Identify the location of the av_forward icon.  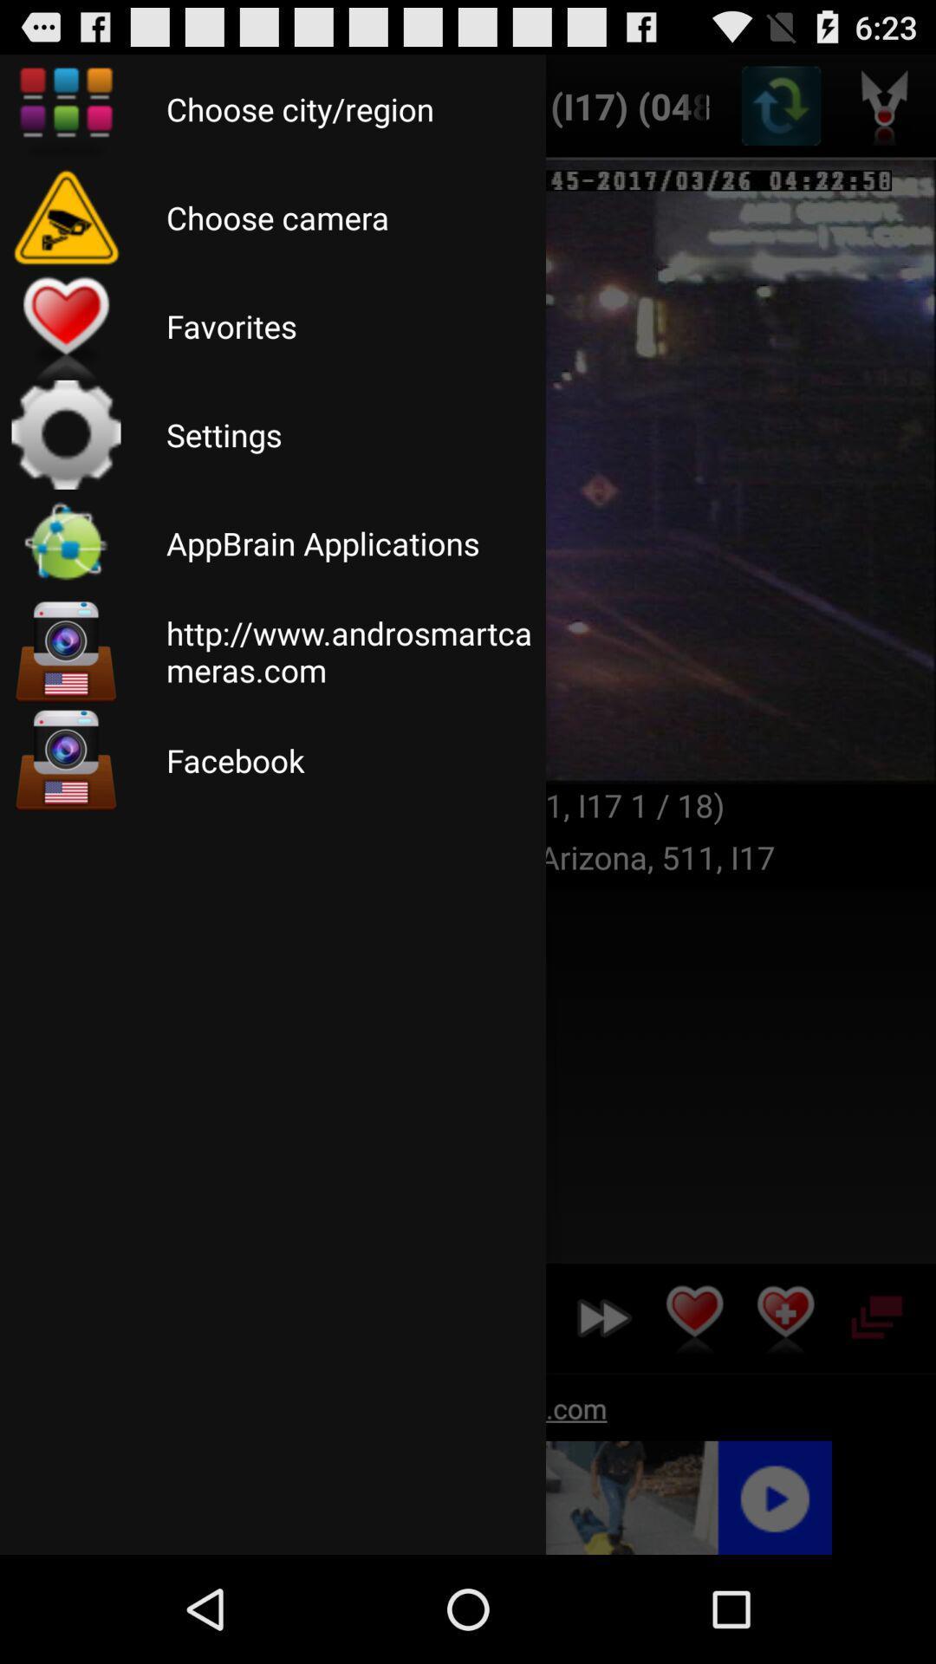
(602, 1410).